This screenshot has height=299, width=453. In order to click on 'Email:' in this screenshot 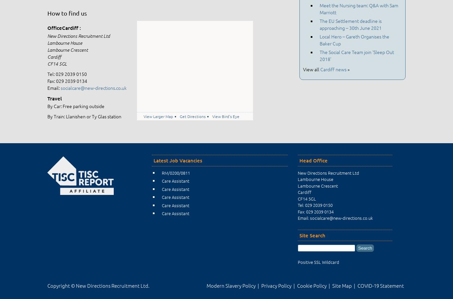, I will do `click(304, 217)`.